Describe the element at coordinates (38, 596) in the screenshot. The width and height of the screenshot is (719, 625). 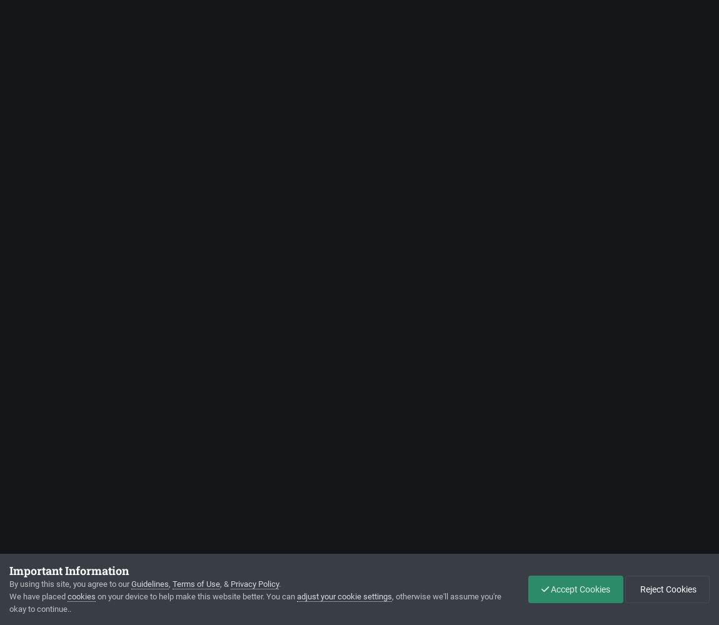
I see `'We have placed'` at that location.